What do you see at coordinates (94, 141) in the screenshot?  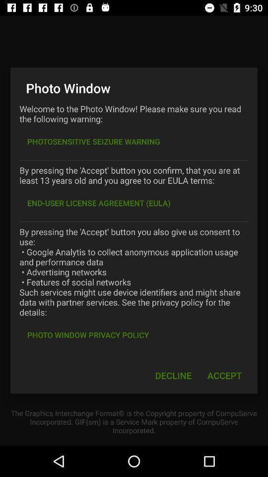 I see `photosensitive seizure warning item` at bounding box center [94, 141].